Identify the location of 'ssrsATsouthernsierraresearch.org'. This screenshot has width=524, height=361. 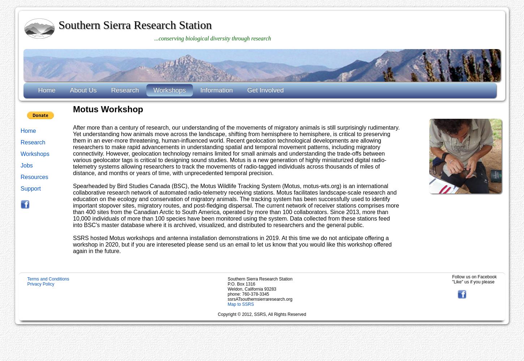
(259, 299).